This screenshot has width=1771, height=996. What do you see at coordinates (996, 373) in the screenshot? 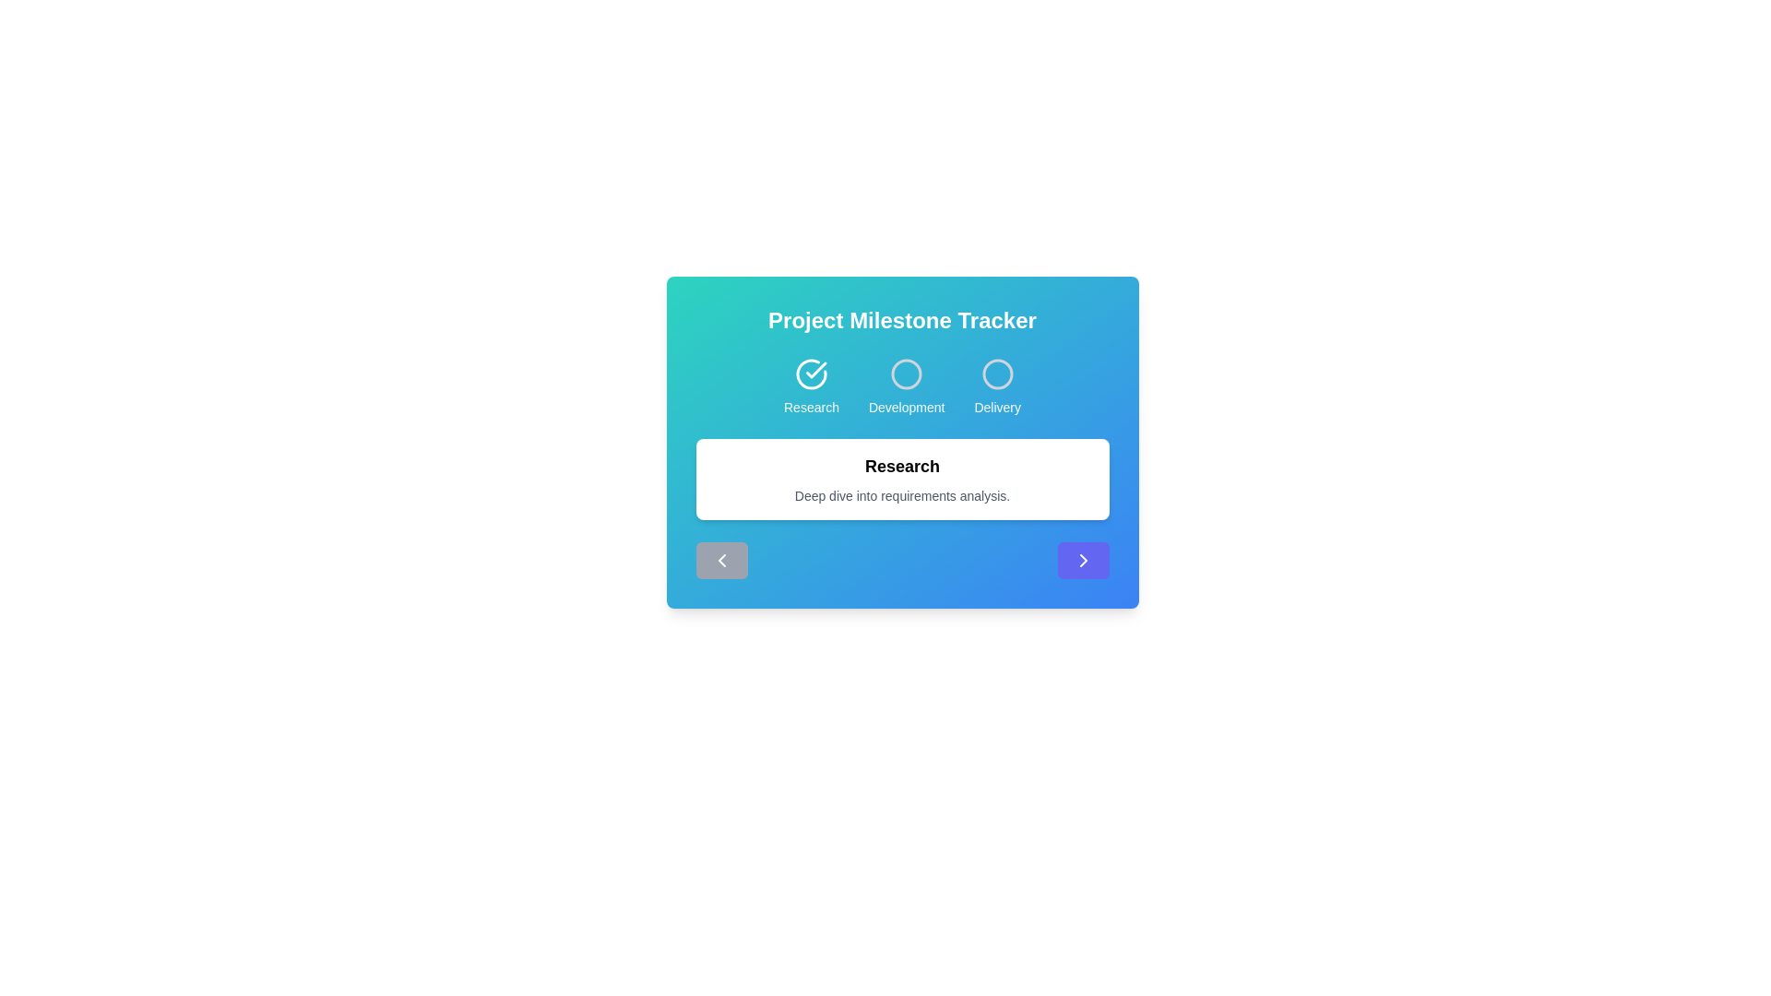
I see `the small gray SVG circle within the third milestone indicator icon labeled 'Delivery' in the 'Project Milestone Tracker' card` at bounding box center [996, 373].